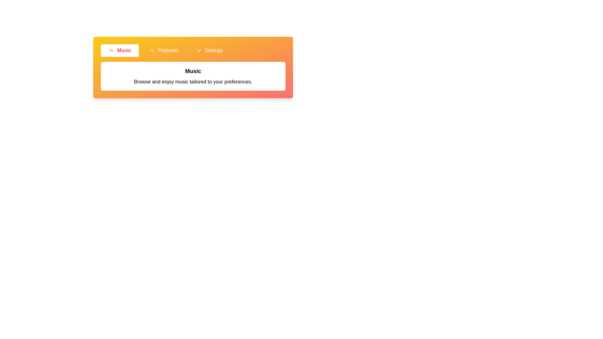  What do you see at coordinates (199, 50) in the screenshot?
I see `the chevron icon of the tab labeled Settings` at bounding box center [199, 50].